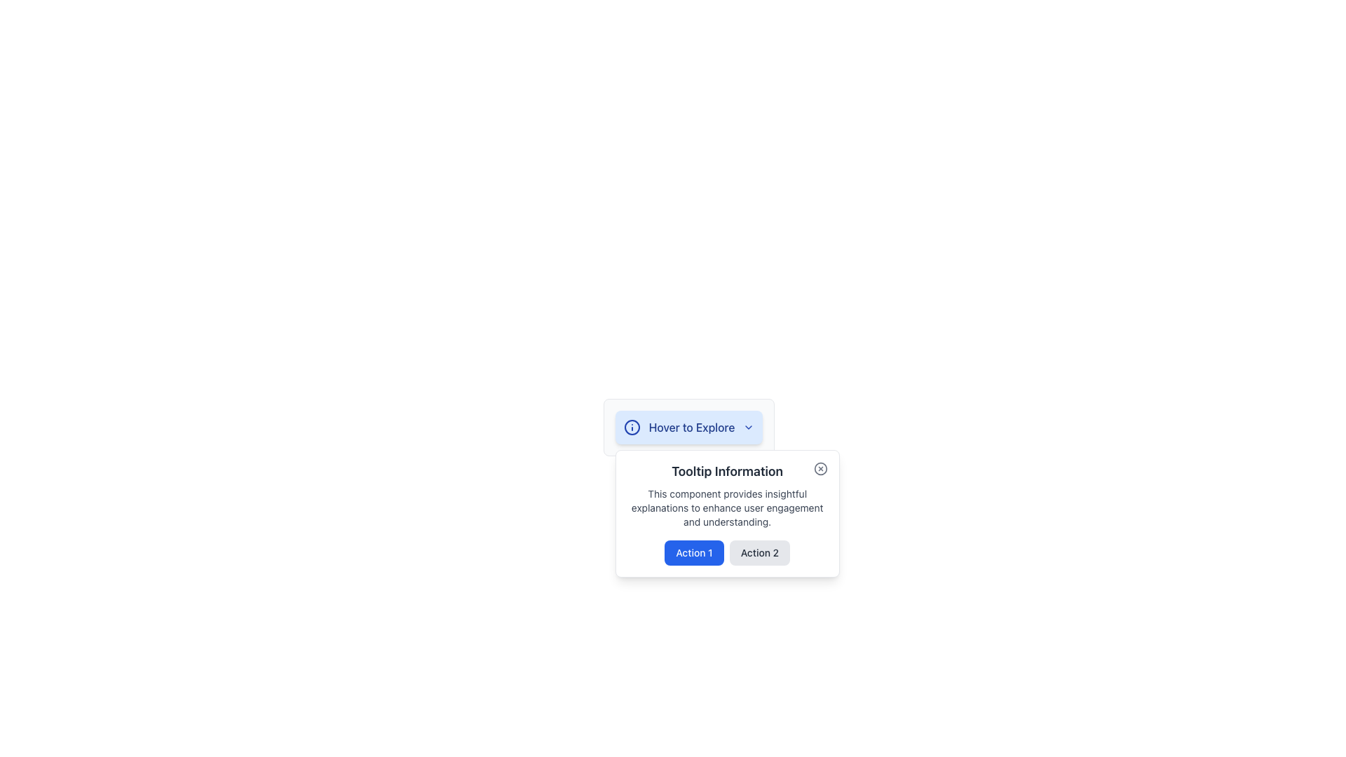 The image size is (1346, 757). I want to click on the text label that says 'Hover, so click(692, 426).